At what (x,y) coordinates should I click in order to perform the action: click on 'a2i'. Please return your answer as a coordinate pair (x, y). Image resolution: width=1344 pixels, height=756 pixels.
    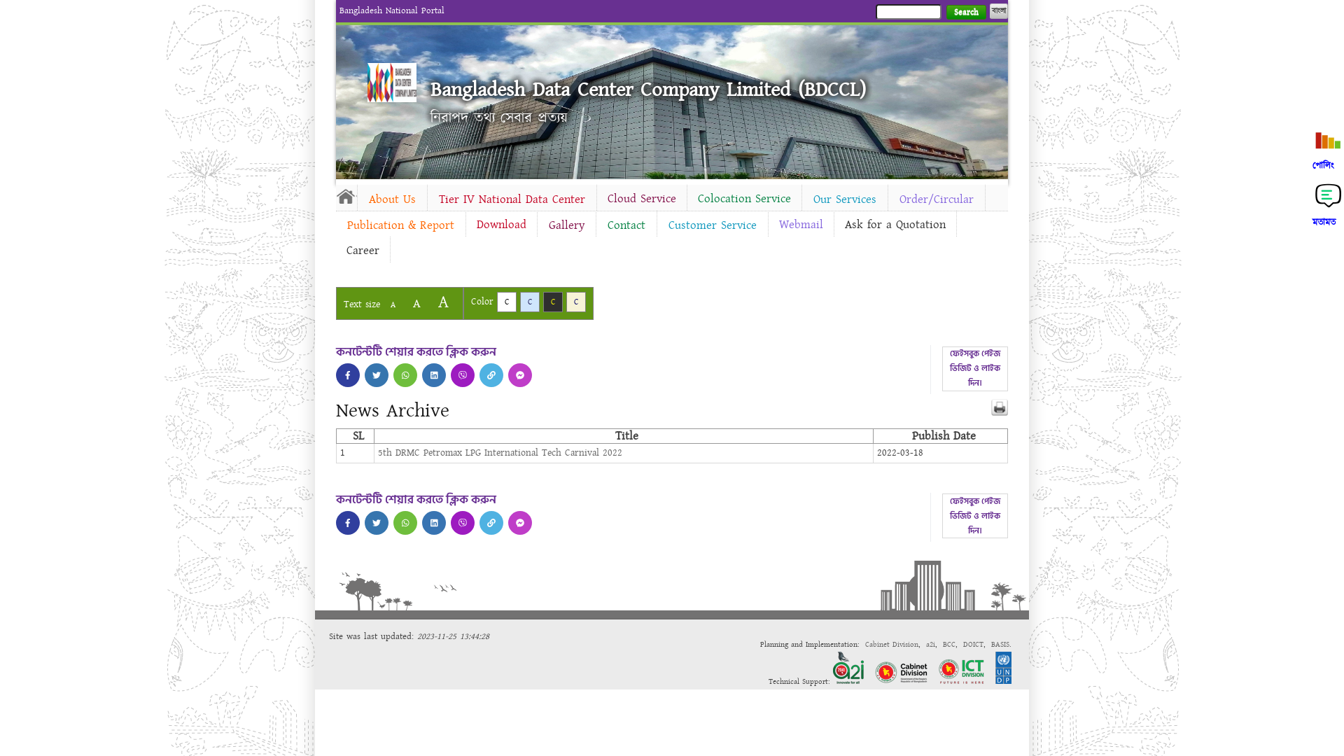
    Looking at the image, I should click on (930, 644).